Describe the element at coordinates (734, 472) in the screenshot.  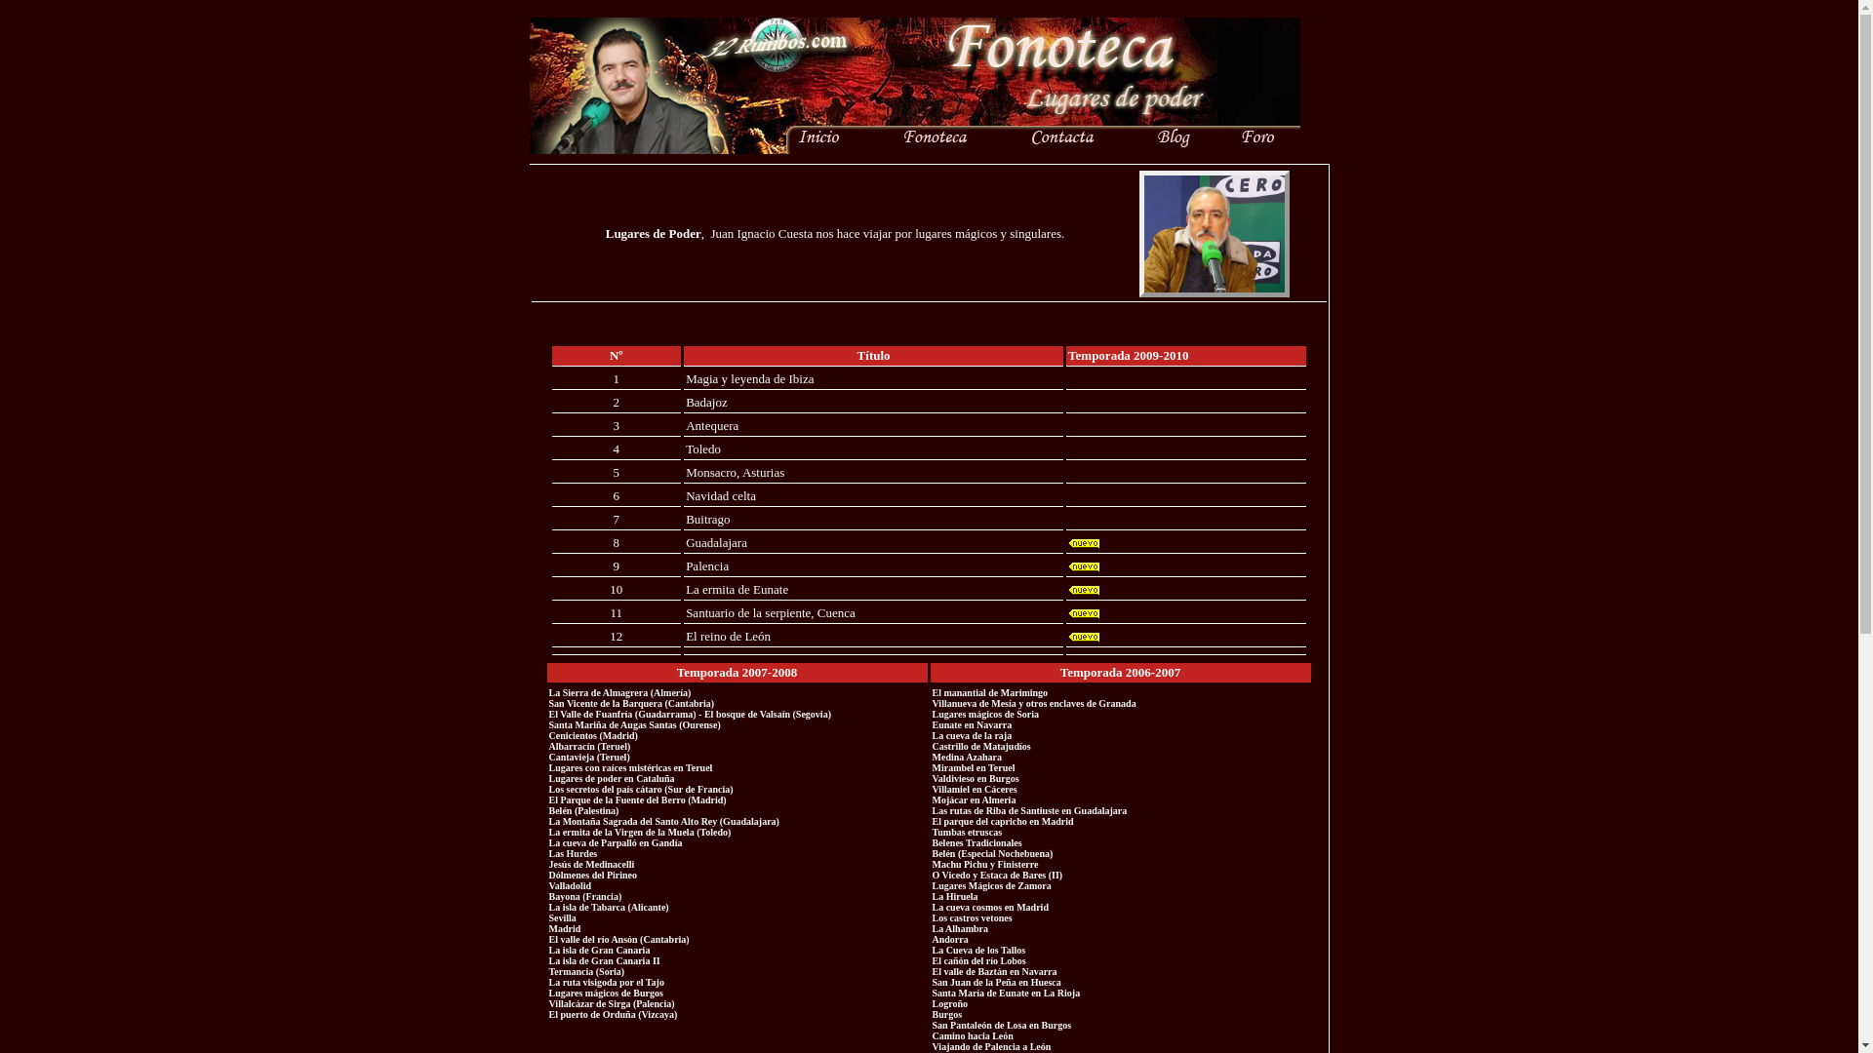
I see `'Monsacro, Asturias'` at that location.